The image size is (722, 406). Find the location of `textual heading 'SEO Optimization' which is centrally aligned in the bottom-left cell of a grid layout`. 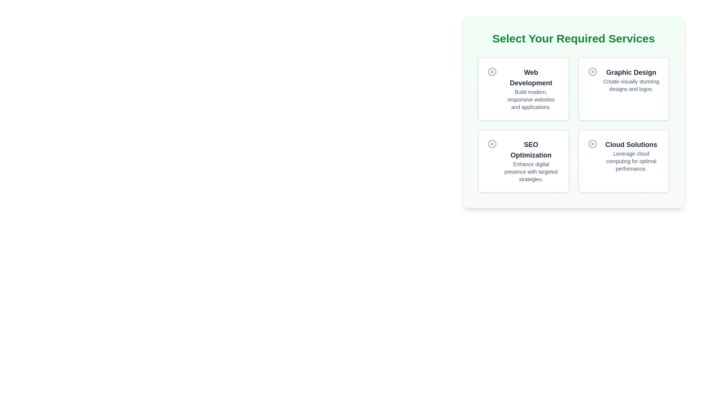

textual heading 'SEO Optimization' which is centrally aligned in the bottom-left cell of a grid layout is located at coordinates (531, 150).